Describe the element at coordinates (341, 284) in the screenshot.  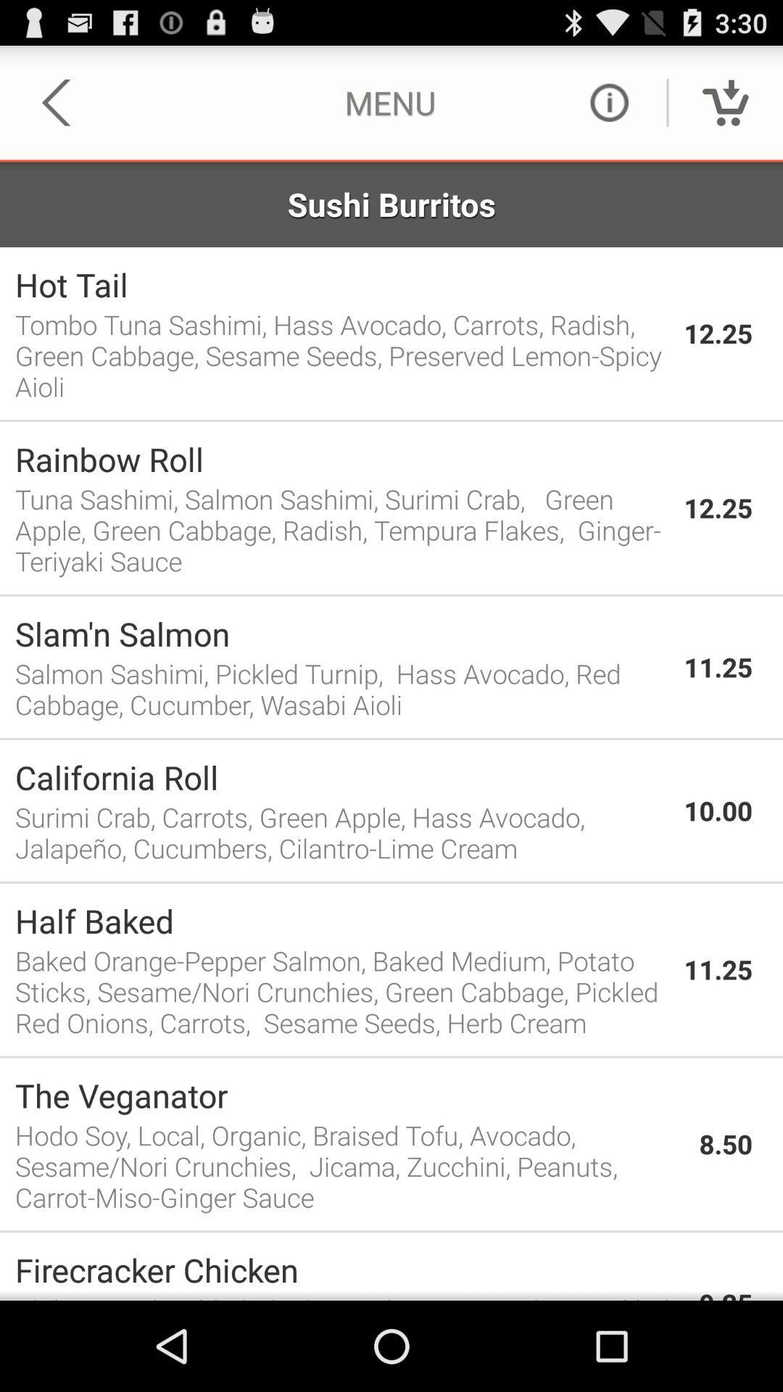
I see `icon below the sushi burritos` at that location.